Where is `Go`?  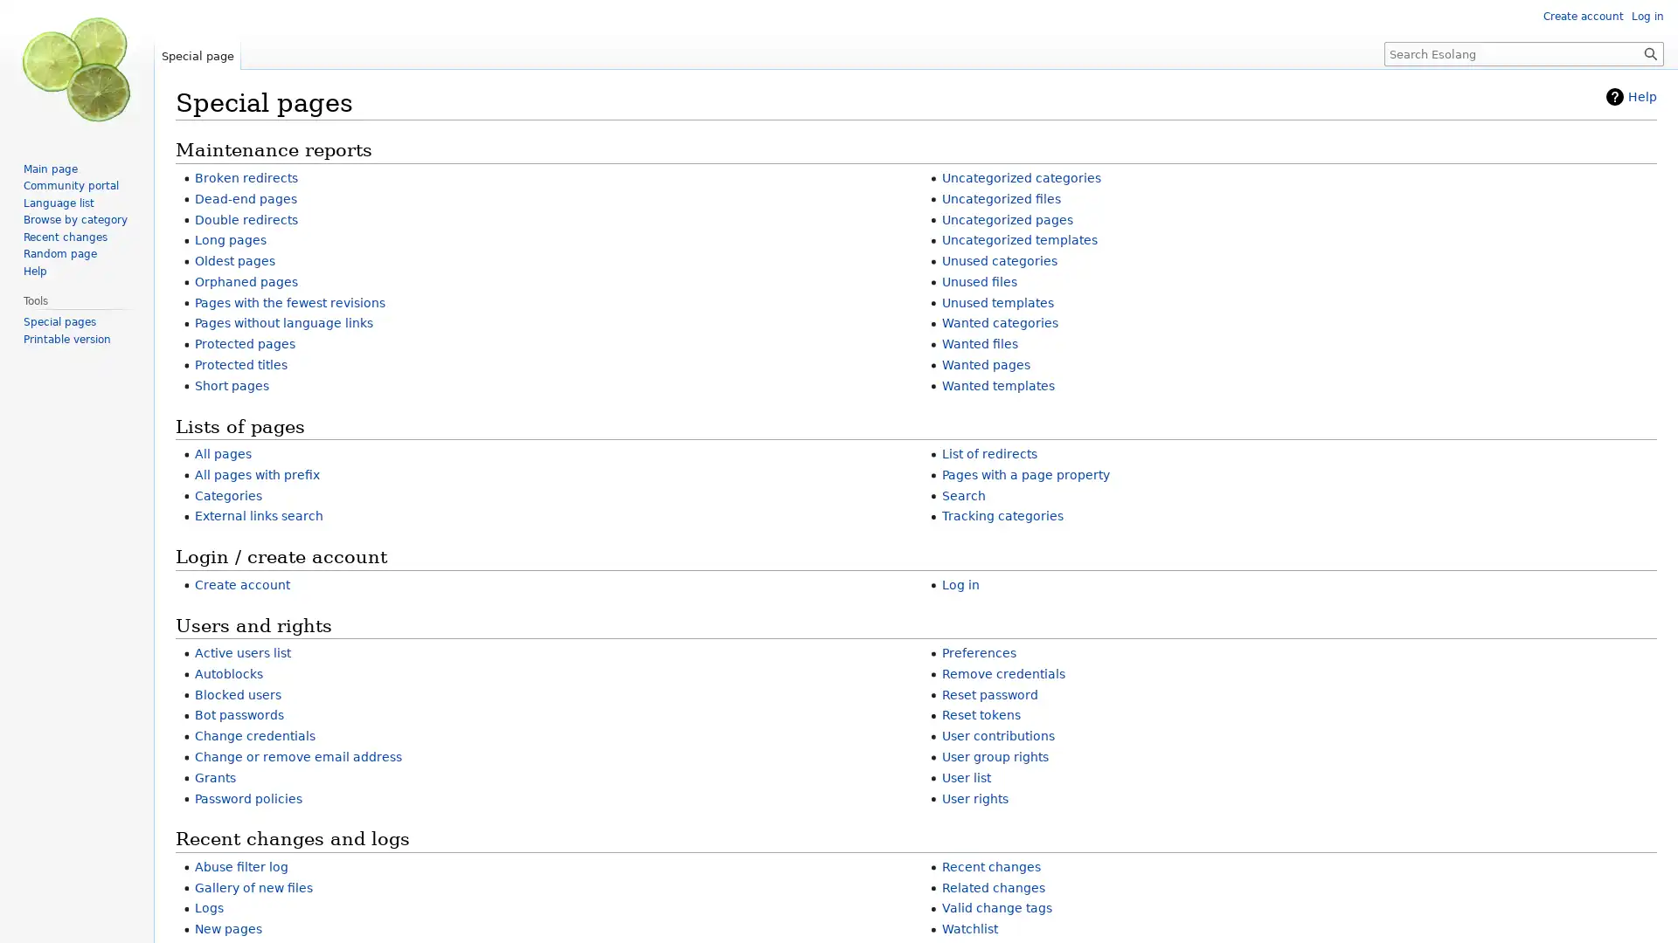
Go is located at coordinates (1650, 52).